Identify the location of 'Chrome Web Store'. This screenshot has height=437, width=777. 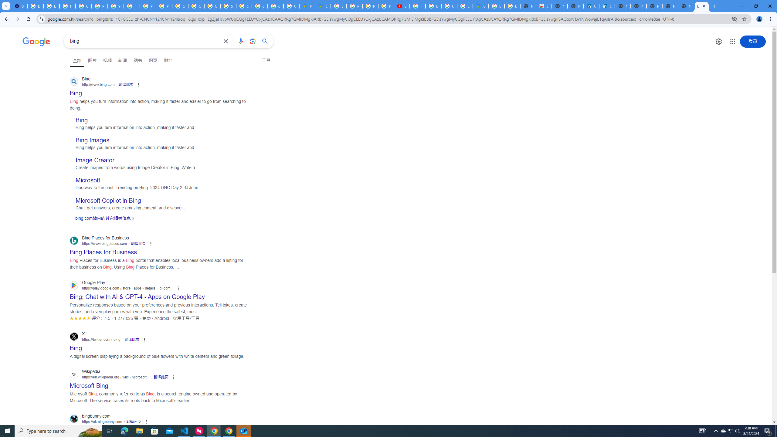
(544, 6).